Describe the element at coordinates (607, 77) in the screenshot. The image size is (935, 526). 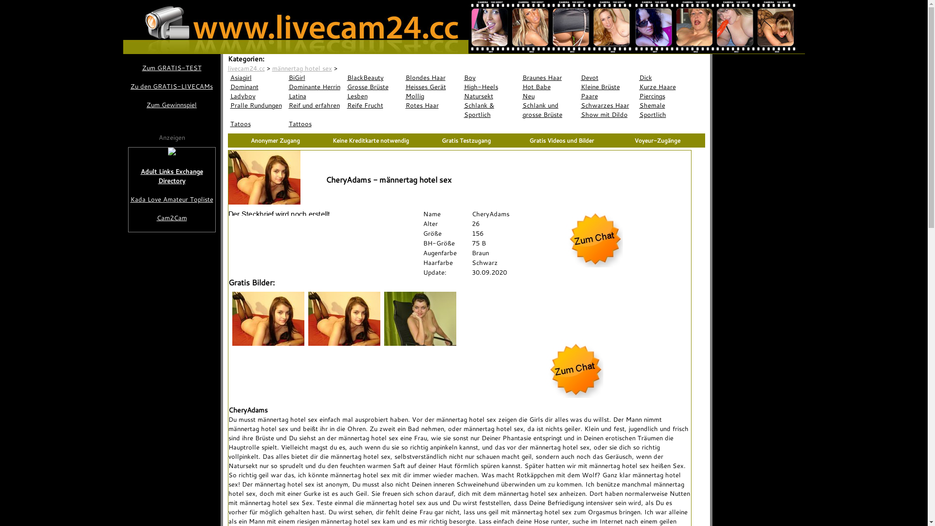
I see `'Devot'` at that location.